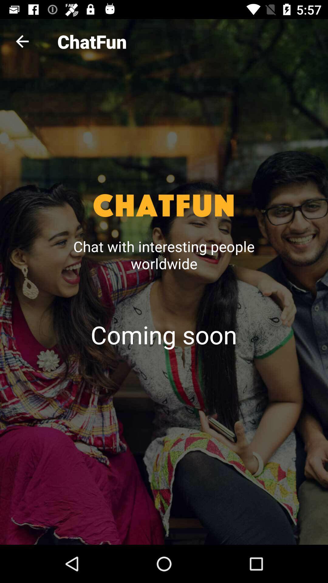  I want to click on item to the left of chatfun icon, so click(22, 41).